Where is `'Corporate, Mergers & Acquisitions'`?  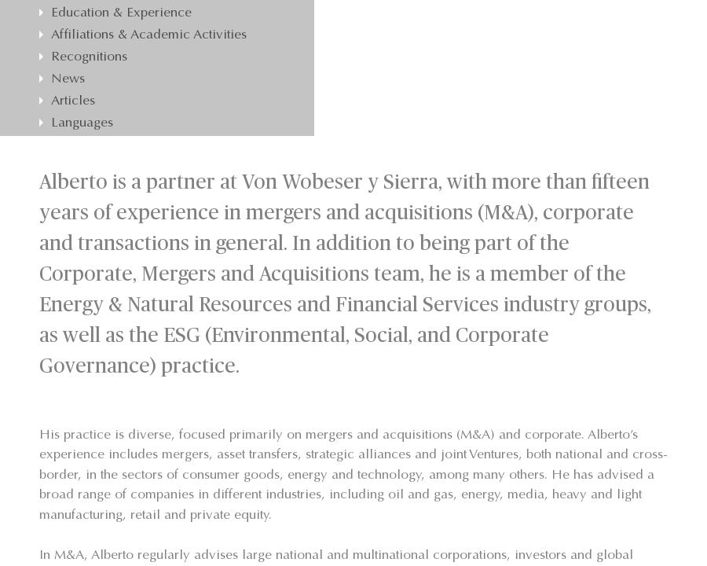
'Corporate, Mergers & Acquisitions' is located at coordinates (170, 17).